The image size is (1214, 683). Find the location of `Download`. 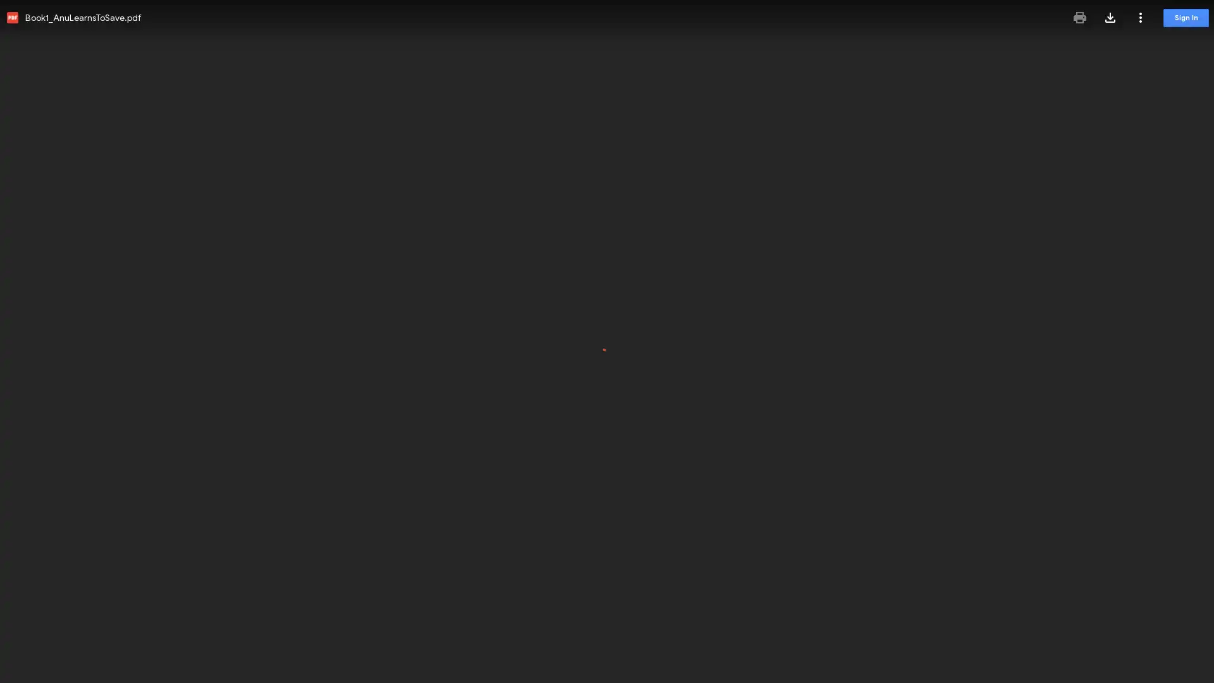

Download is located at coordinates (1110, 17).